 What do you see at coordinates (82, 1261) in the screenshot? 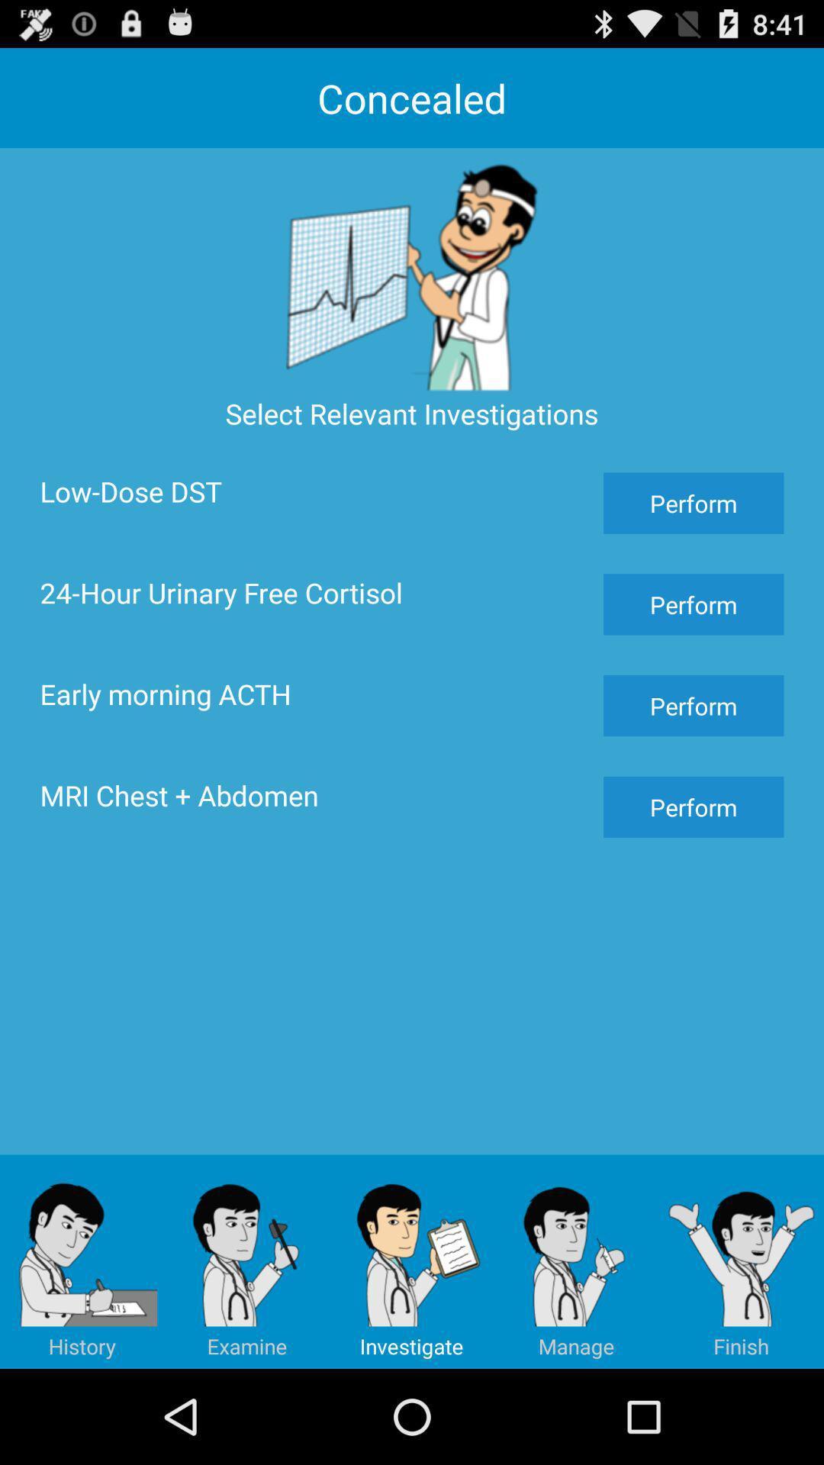
I see `item below the mri chest + abdomen icon` at bounding box center [82, 1261].